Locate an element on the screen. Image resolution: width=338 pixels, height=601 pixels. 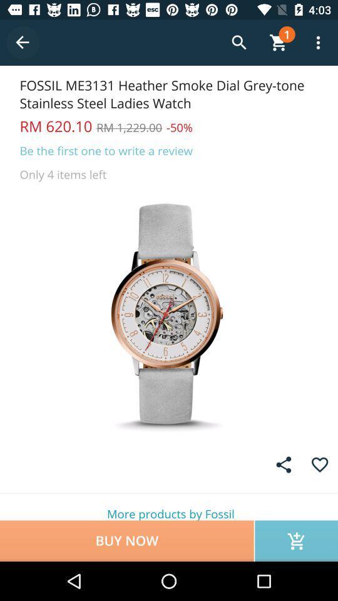
open image is located at coordinates (169, 313).